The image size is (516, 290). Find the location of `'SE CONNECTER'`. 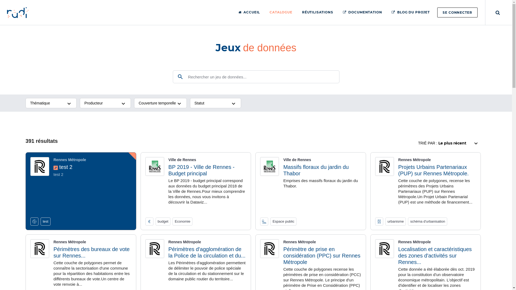

'SE CONNECTER' is located at coordinates (457, 12).